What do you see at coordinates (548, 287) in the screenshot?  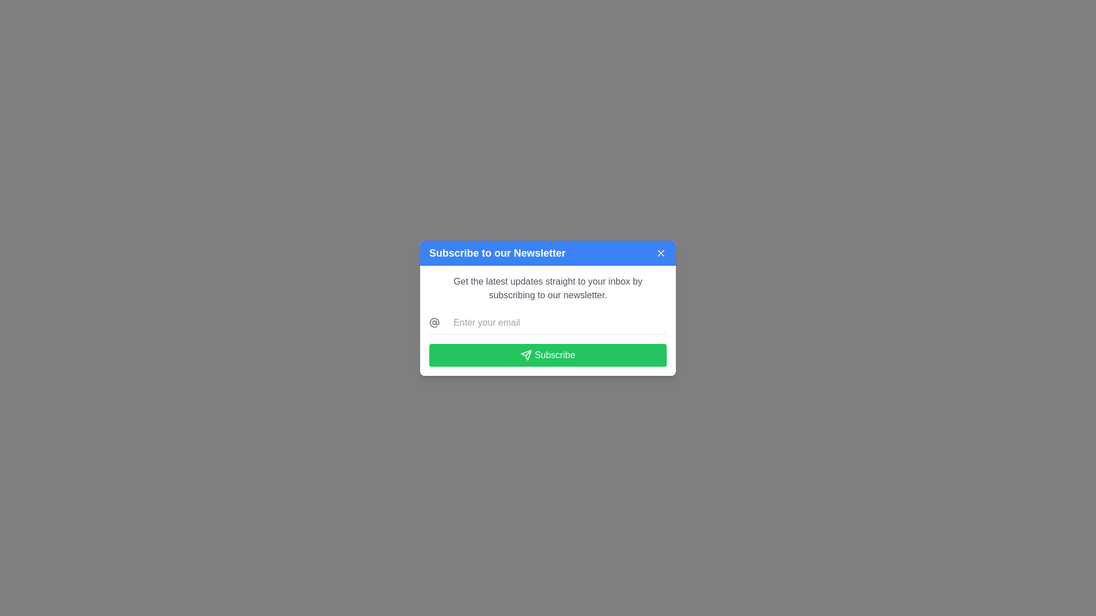 I see `the text label that contains the message 'Get the latest updates straight to your inbox by subscribing to our newsletter.' in gray font, located below the header 'Subscribe to our Newsletter' in a white modal box` at bounding box center [548, 287].